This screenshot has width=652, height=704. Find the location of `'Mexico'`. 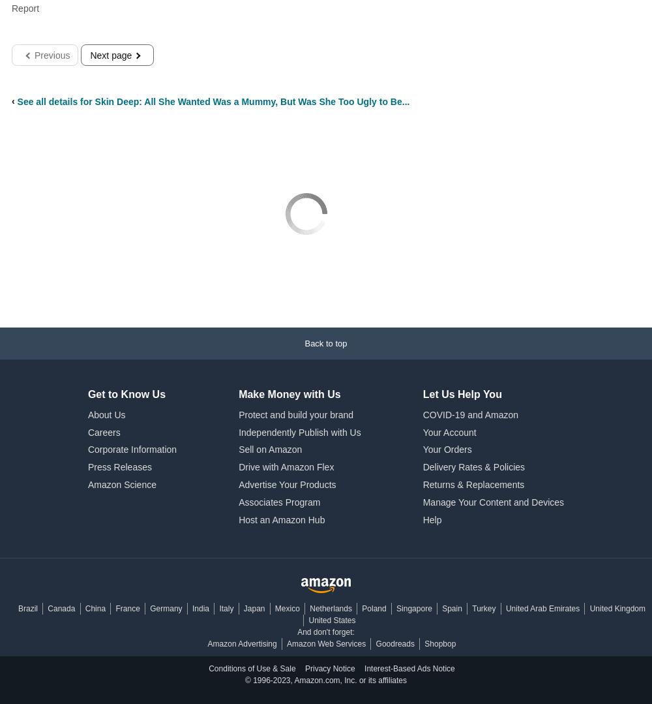

'Mexico' is located at coordinates (286, 609).